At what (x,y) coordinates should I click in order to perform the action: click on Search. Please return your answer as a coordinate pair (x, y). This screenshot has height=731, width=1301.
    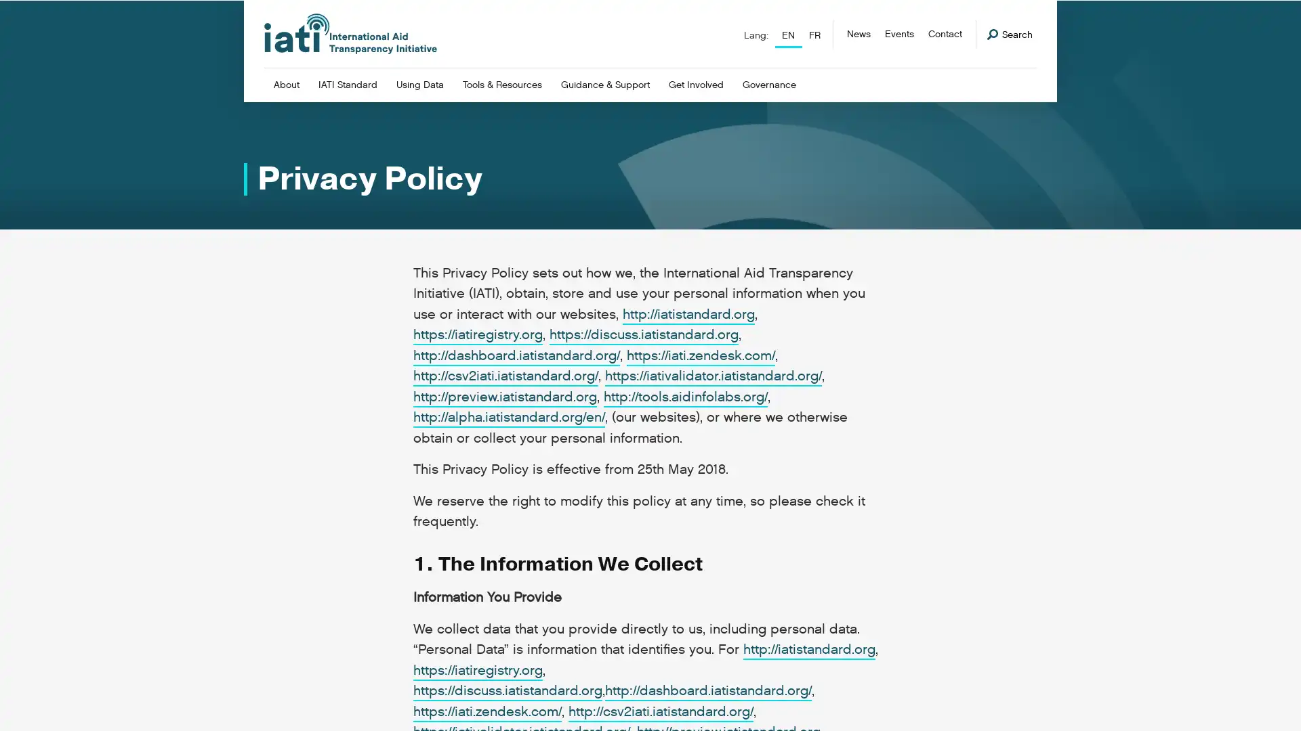
    Looking at the image, I should click on (1010, 34).